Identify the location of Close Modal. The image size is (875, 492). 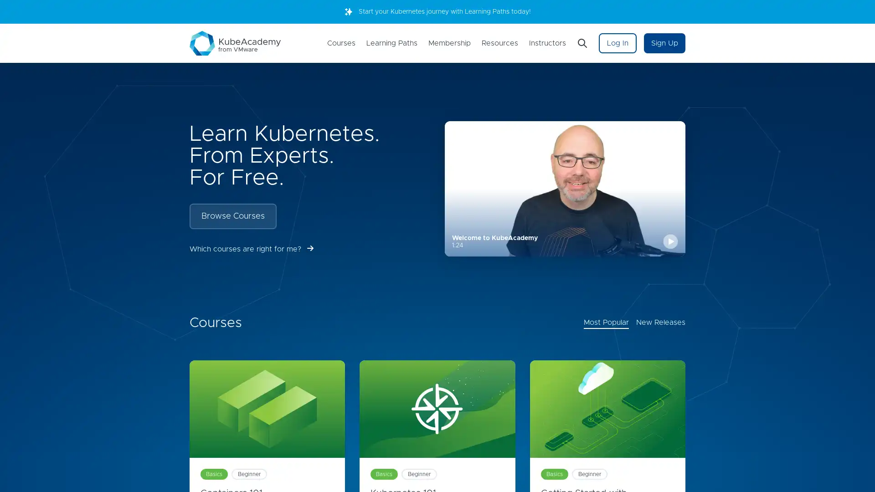
(547, 191).